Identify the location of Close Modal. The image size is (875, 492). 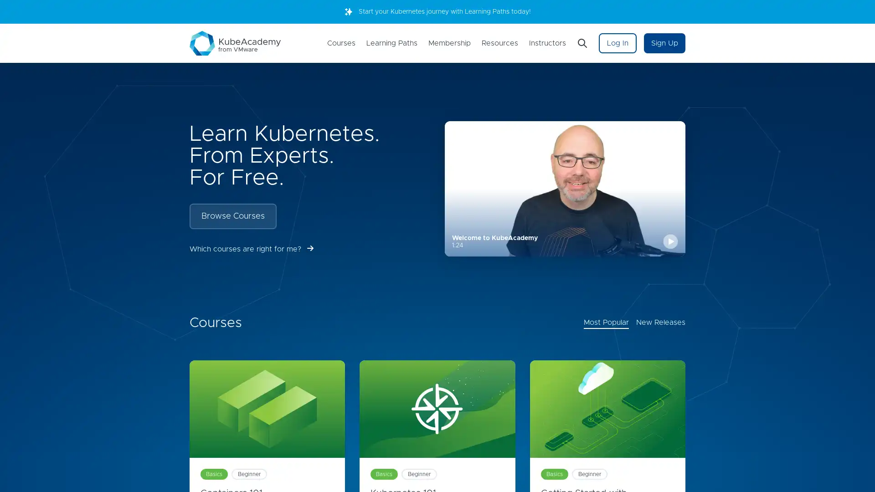
(547, 191).